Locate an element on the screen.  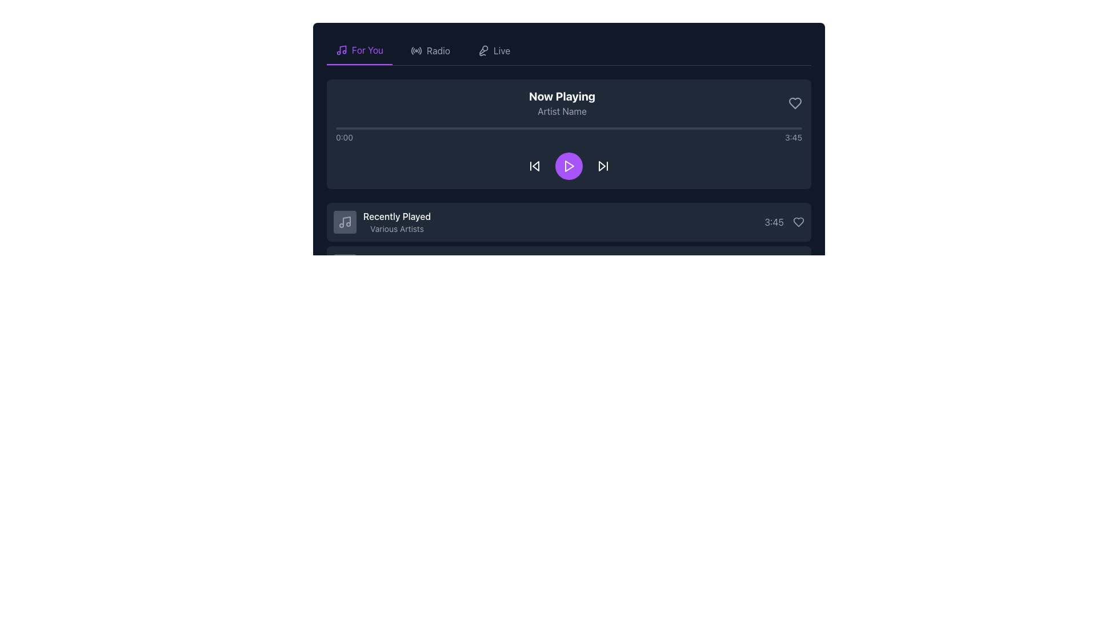
the progress bar located below the 'Now Playing' section and above the playback controls, which visually represents the progression of playback for media content is located at coordinates (569, 128).